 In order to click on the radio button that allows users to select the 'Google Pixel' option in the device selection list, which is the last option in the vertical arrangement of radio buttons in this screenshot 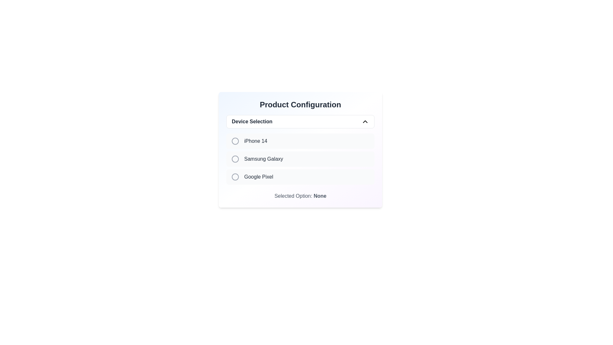, I will do `click(235, 177)`.